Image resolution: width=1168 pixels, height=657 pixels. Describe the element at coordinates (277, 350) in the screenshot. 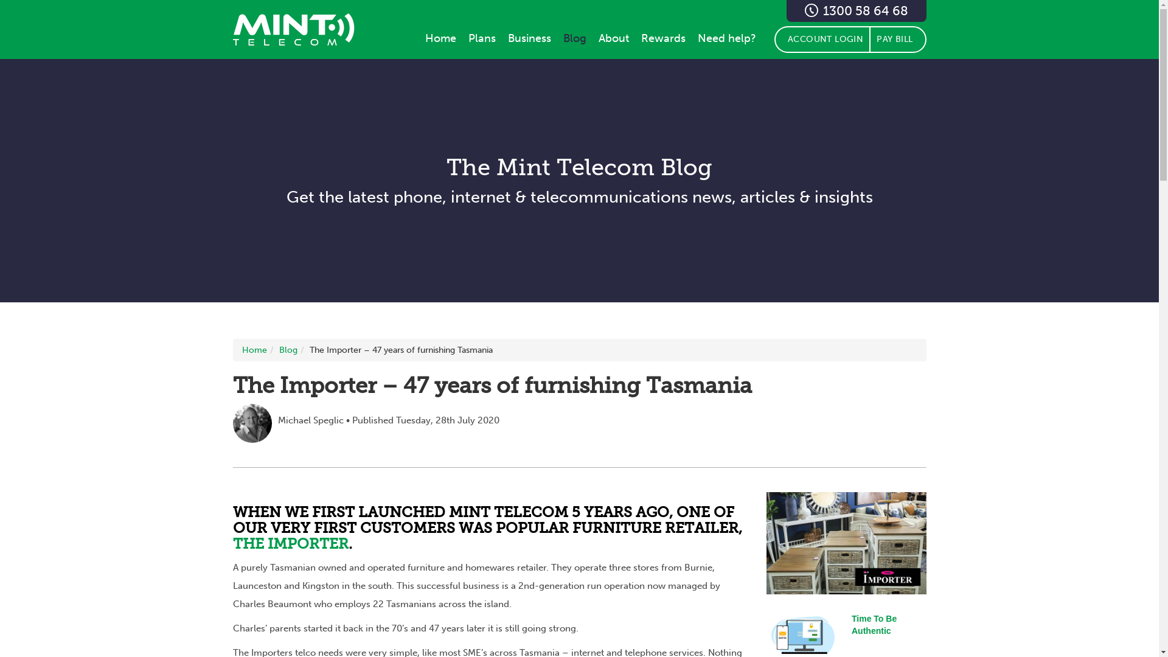

I see `'Blog'` at that location.